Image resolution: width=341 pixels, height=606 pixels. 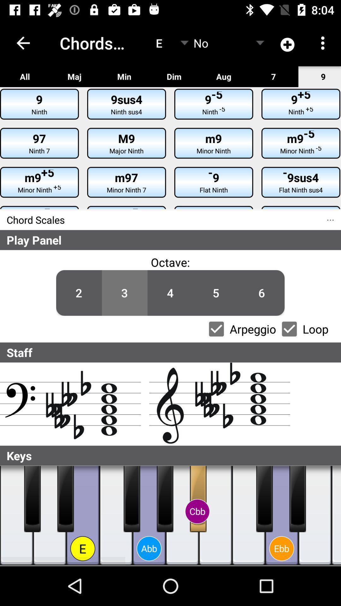 What do you see at coordinates (149, 515) in the screenshot?
I see `key abb` at bounding box center [149, 515].